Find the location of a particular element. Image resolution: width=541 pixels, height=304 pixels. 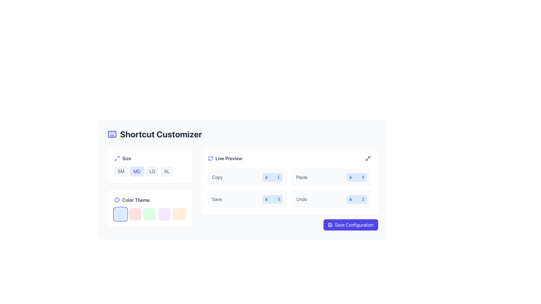

the 'XL' button, which is the fourth button in the 'Size' customization area is located at coordinates (167, 171).